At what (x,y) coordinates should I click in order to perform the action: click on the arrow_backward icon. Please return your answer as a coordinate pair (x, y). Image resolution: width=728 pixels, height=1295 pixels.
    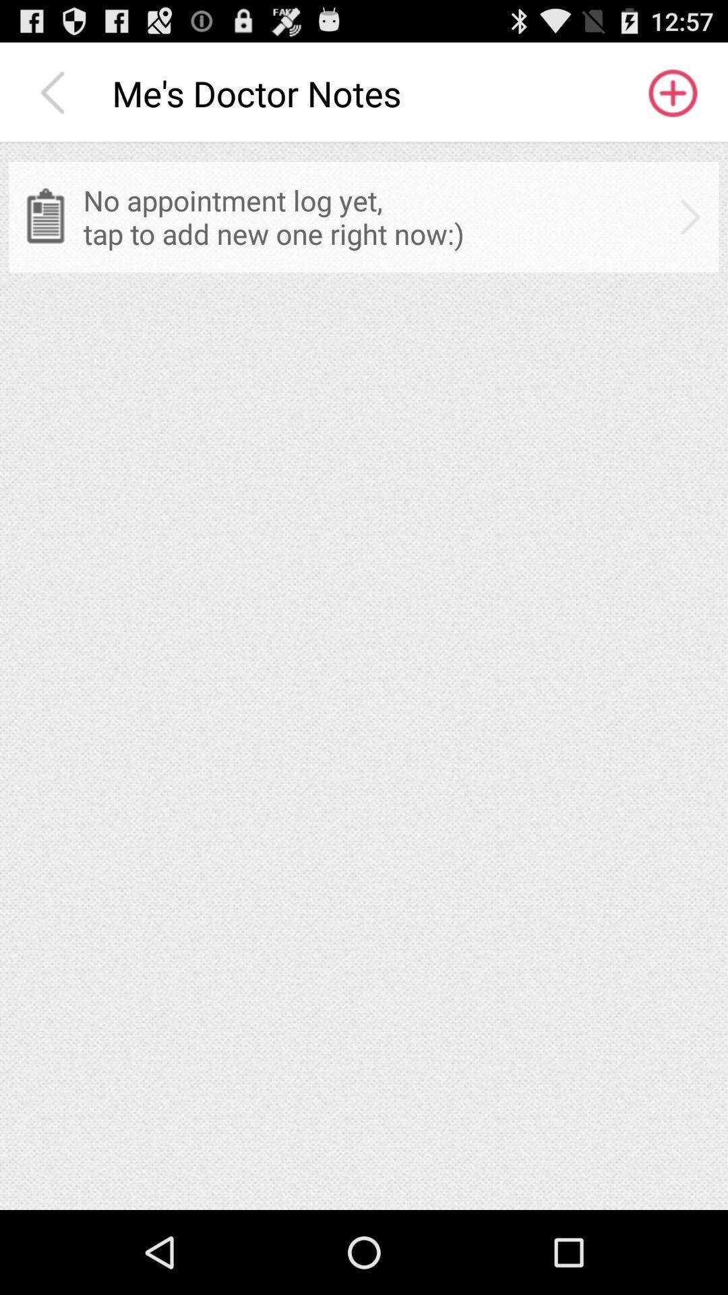
    Looking at the image, I should click on (55, 99).